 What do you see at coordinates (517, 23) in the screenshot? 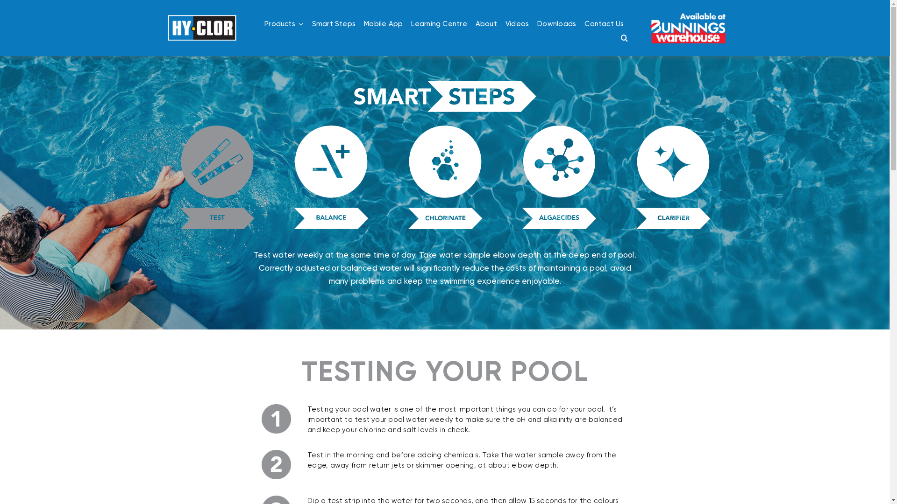
I see `'Videos'` at bounding box center [517, 23].